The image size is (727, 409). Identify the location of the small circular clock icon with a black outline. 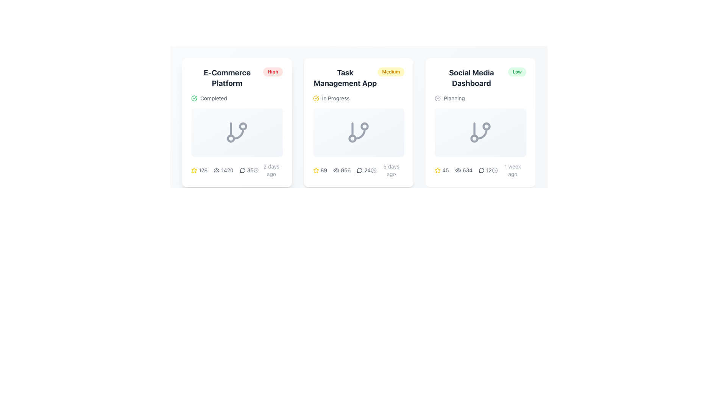
(256, 170).